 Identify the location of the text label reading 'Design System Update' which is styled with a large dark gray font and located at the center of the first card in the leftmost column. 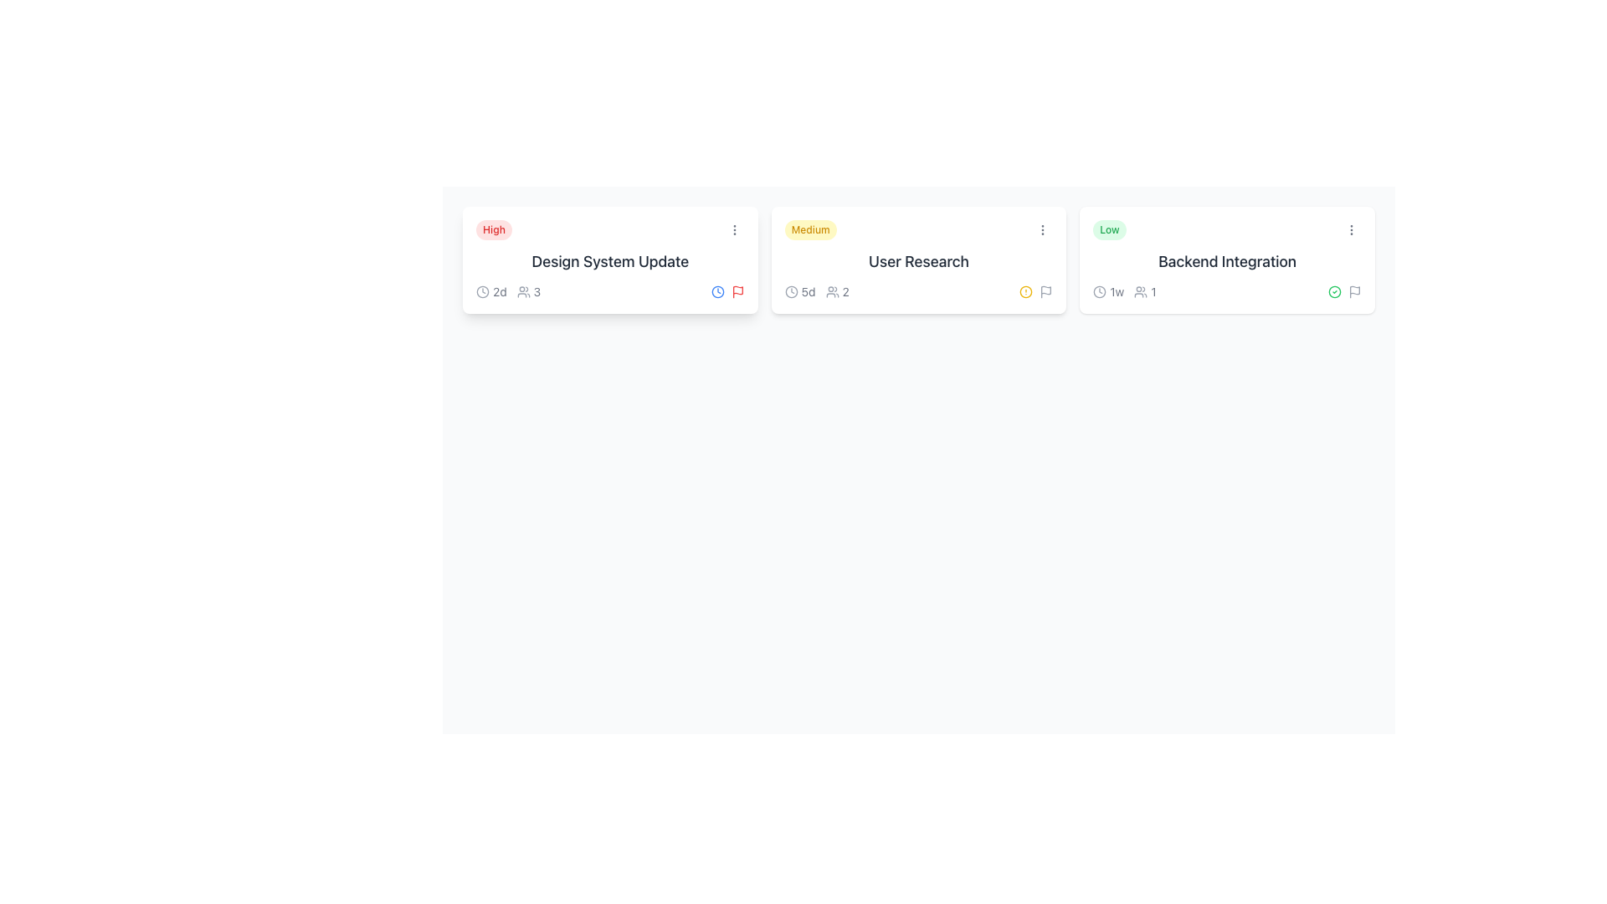
(609, 261).